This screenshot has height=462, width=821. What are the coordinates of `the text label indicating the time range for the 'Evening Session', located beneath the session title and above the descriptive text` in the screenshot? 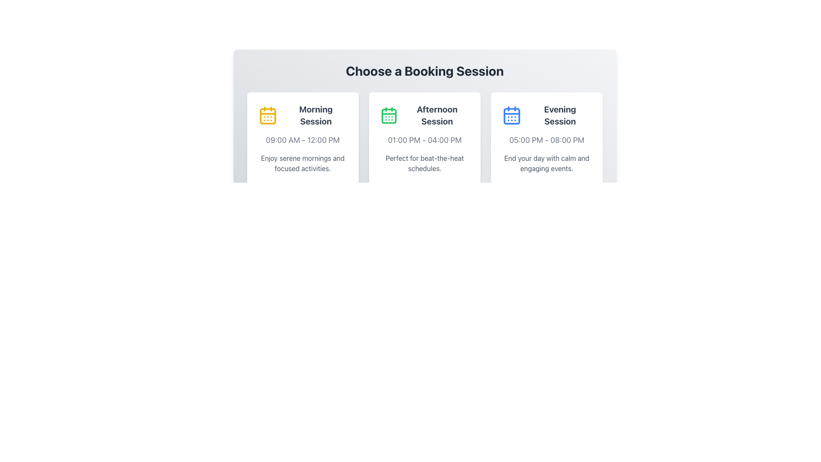 It's located at (546, 139).